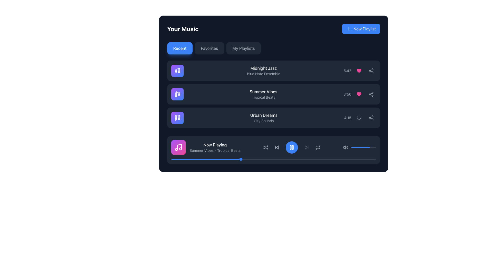 The width and height of the screenshot is (491, 276). I want to click on the square-shaped Icon button with a gradient background and a white music note icon, so click(177, 94).